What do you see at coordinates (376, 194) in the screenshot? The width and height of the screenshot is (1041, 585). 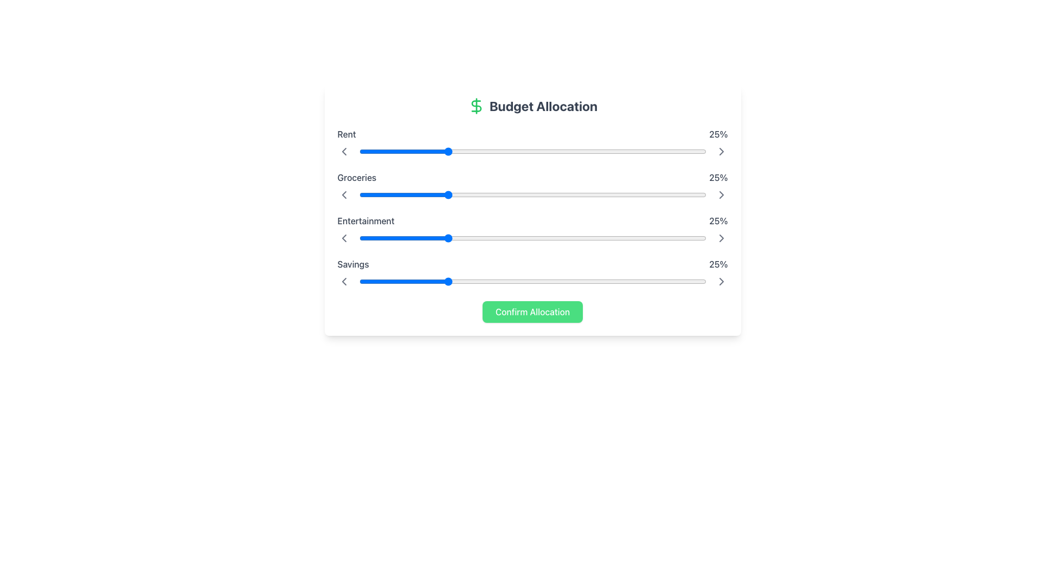 I see `the groceries allocation percentage` at bounding box center [376, 194].